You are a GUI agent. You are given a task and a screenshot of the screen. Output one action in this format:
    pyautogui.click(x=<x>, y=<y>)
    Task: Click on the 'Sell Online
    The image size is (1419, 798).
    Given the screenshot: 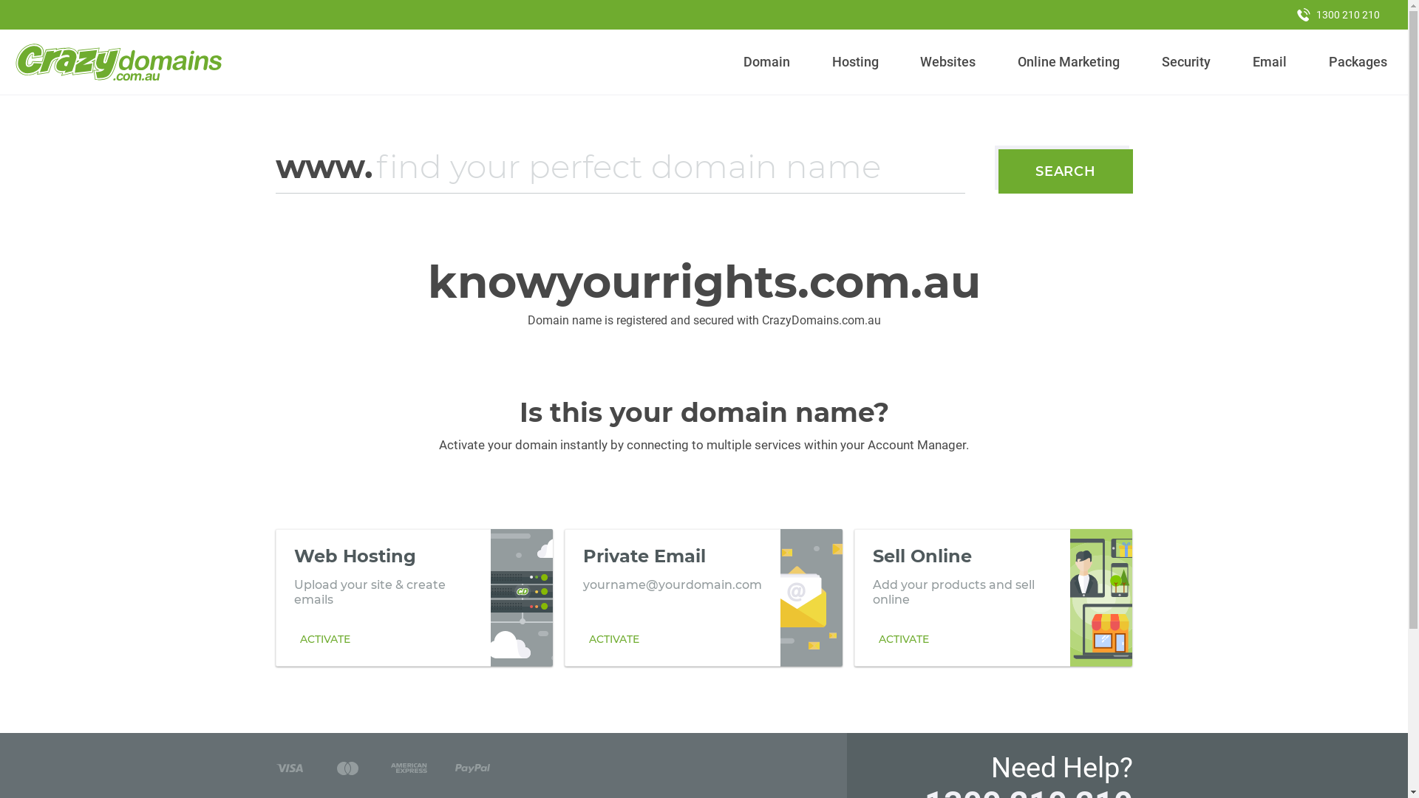 What is the action you would take?
    pyautogui.click(x=993, y=597)
    